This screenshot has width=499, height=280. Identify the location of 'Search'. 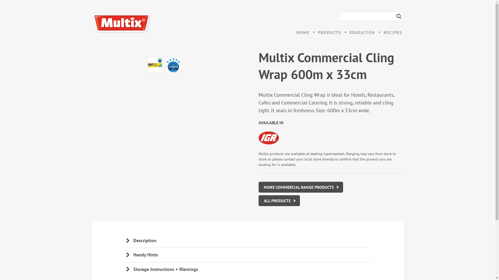
(398, 16).